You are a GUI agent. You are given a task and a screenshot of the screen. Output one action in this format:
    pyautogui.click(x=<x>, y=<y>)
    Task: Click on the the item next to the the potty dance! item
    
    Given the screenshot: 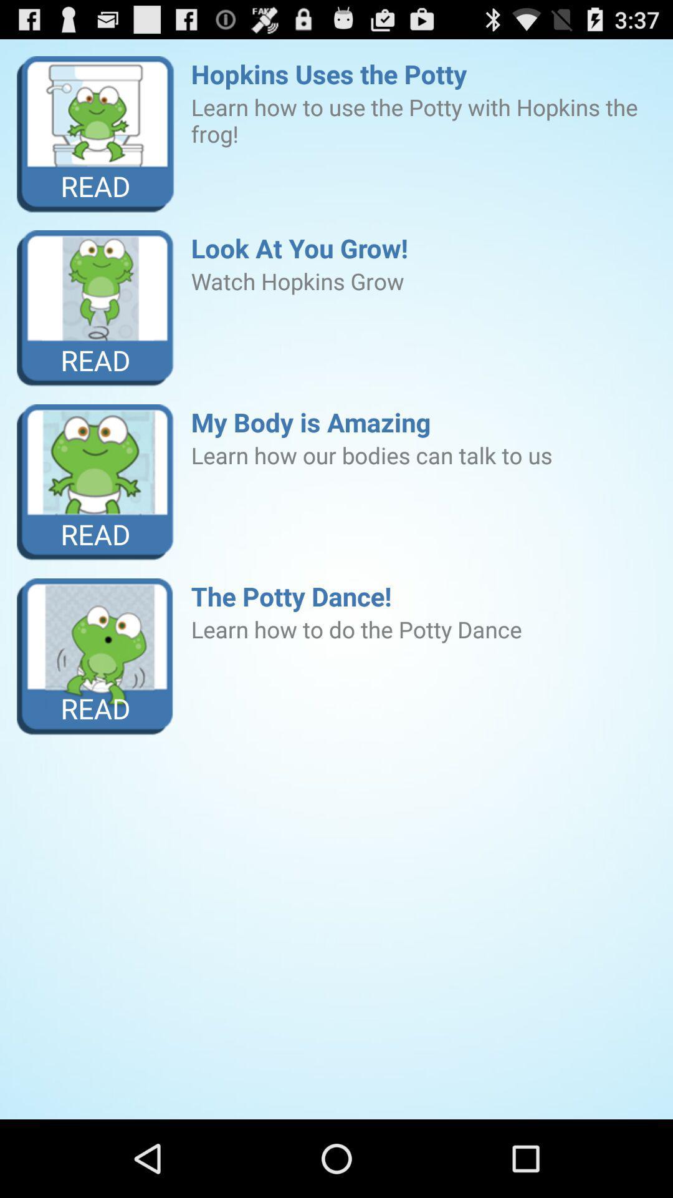 What is the action you would take?
    pyautogui.click(x=95, y=656)
    